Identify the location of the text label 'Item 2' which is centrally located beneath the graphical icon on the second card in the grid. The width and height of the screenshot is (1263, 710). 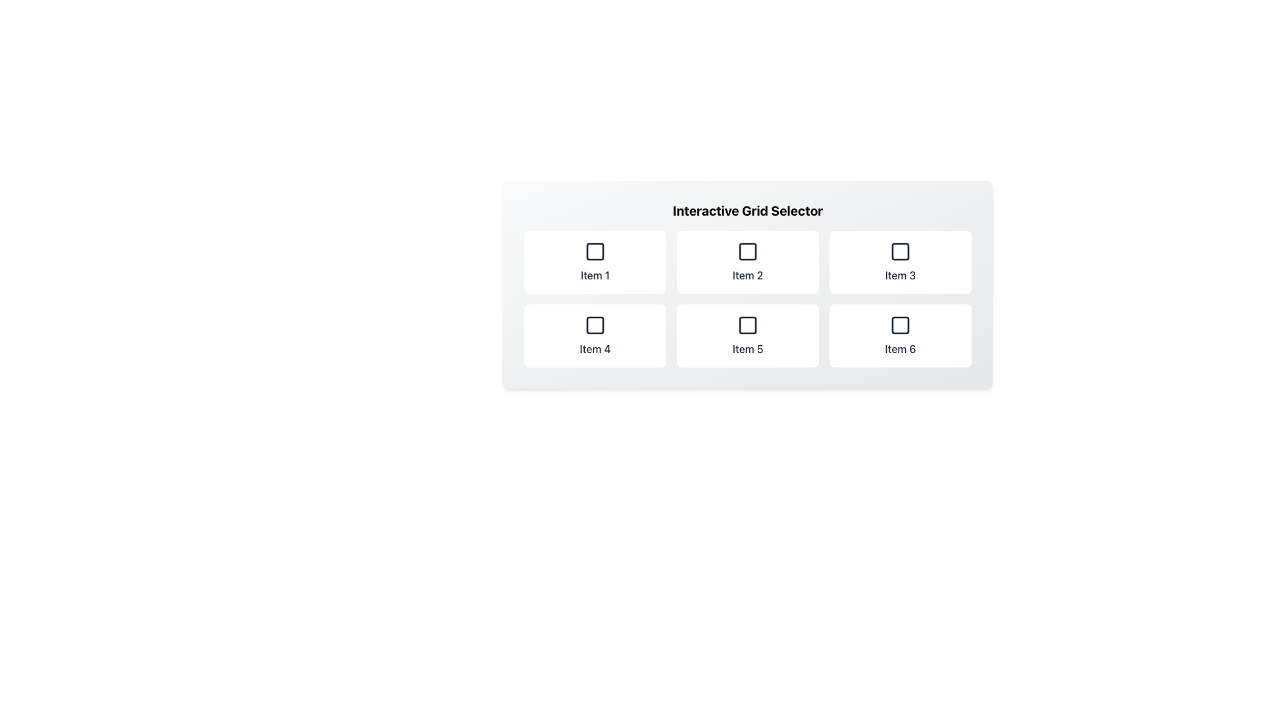
(748, 275).